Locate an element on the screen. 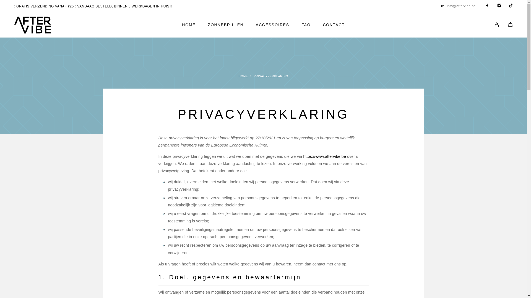 This screenshot has height=298, width=531. 'Login' is located at coordinates (490, 25).